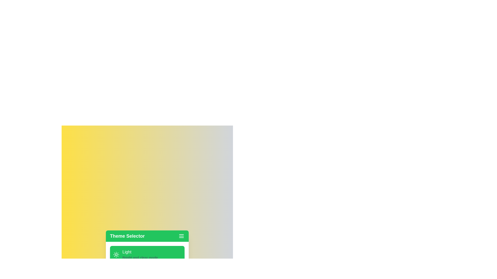 The height and width of the screenshot is (279, 497). I want to click on the 'Light' theme button to select it, so click(147, 254).